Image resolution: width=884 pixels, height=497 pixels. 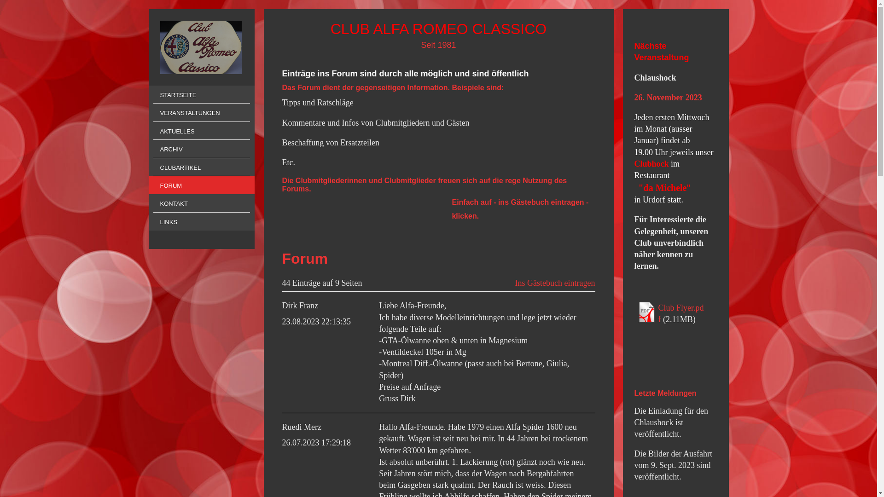 What do you see at coordinates (200, 185) in the screenshot?
I see `'FORUM'` at bounding box center [200, 185].